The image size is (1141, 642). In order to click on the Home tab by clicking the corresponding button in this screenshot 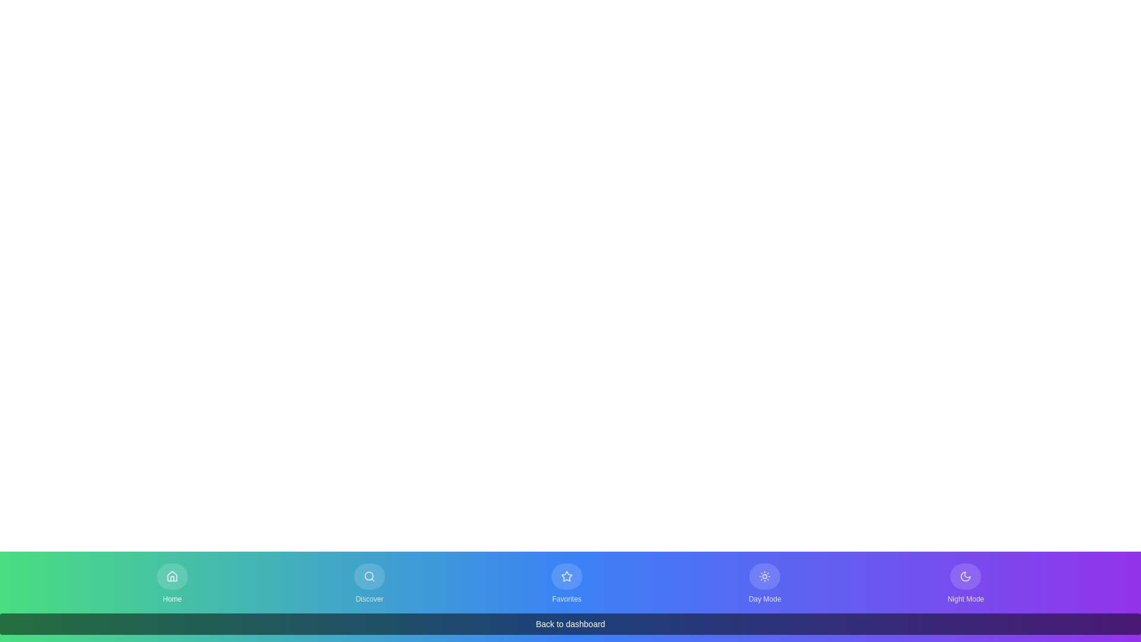, I will do `click(171, 583)`.